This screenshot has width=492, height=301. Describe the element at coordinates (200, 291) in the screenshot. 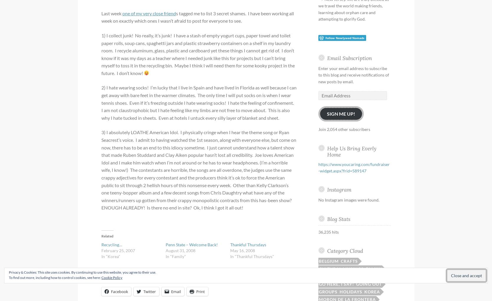

I see `'Print'` at that location.